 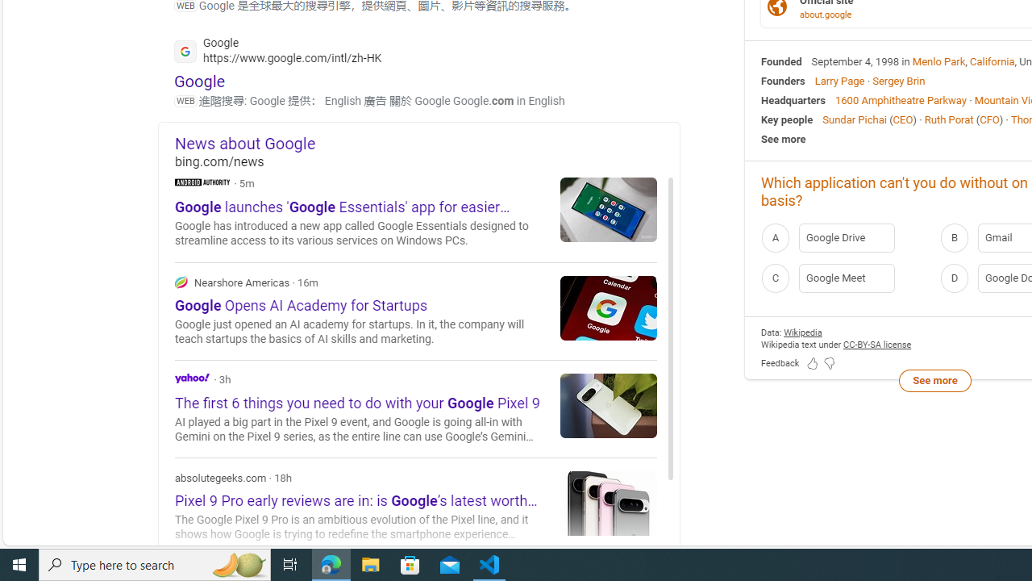 I want to click on 'CEO', so click(x=903, y=118).